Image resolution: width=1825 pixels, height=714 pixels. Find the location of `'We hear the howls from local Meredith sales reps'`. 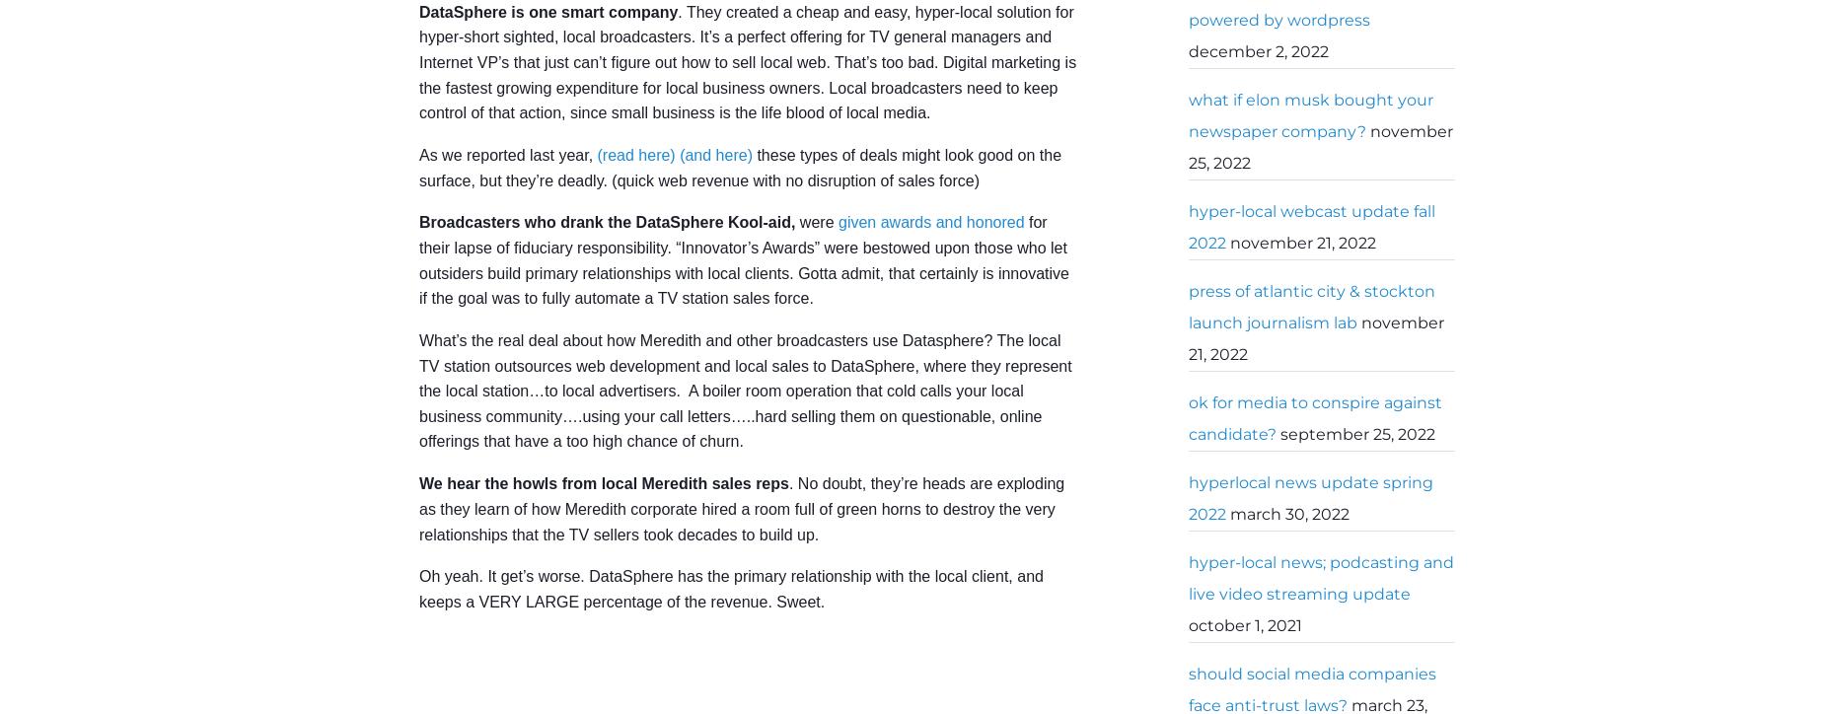

'We hear the howls from local Meredith sales reps' is located at coordinates (603, 482).